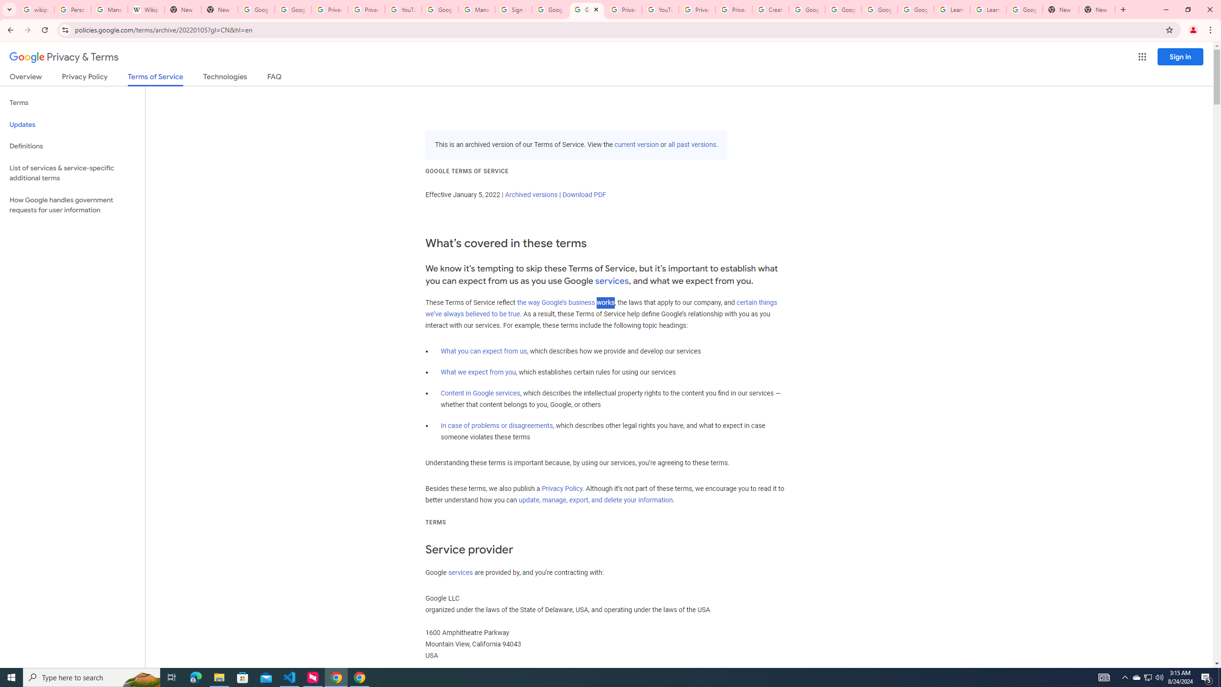 The image size is (1221, 687). What do you see at coordinates (513, 9) in the screenshot?
I see `'Sign in - Google Accounts'` at bounding box center [513, 9].